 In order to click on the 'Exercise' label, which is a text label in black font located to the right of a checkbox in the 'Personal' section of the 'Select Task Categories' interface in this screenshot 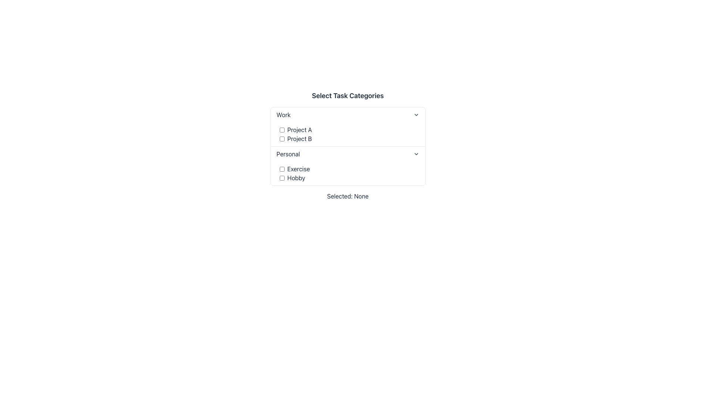, I will do `click(298, 169)`.